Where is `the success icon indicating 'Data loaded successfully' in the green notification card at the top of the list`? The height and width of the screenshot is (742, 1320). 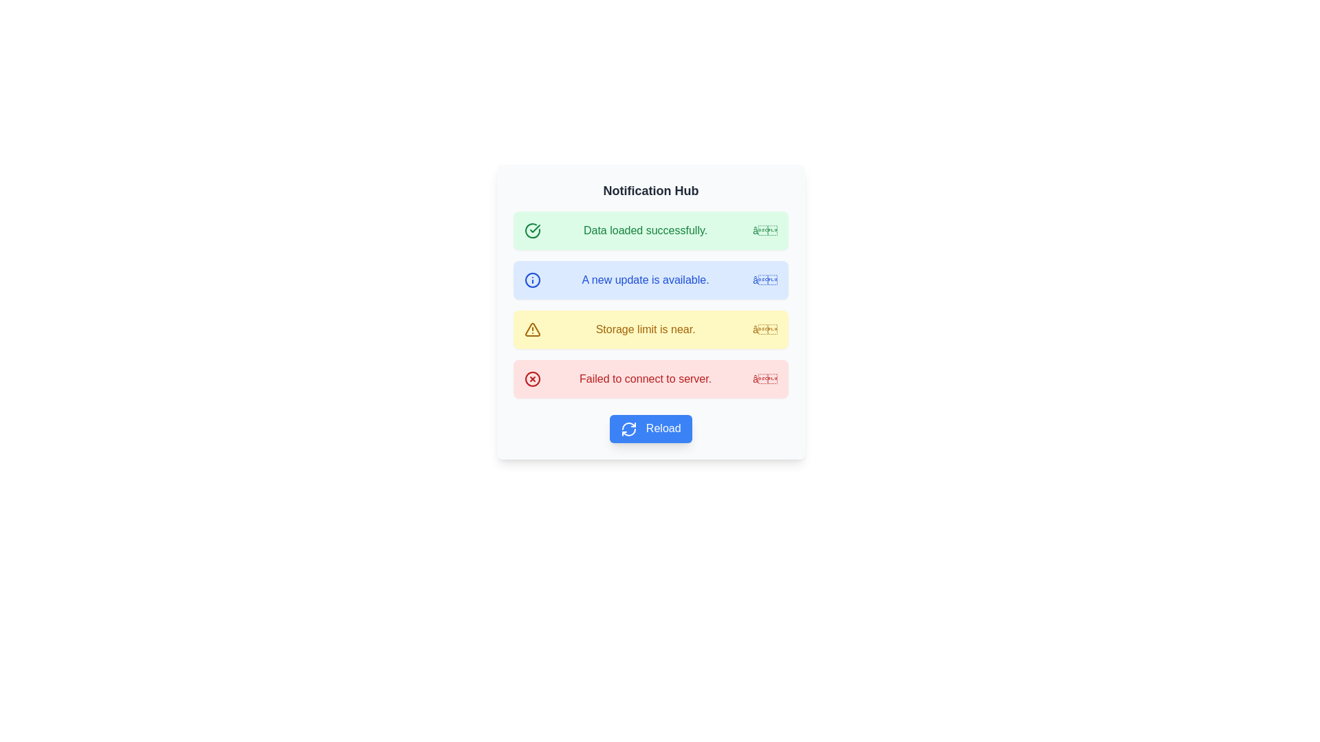 the success icon indicating 'Data loaded successfully' in the green notification card at the top of the list is located at coordinates (531, 229).